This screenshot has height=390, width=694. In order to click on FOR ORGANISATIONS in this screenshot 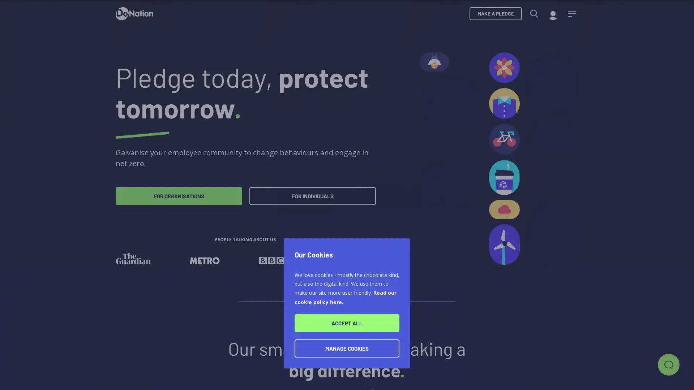, I will do `click(179, 196)`.